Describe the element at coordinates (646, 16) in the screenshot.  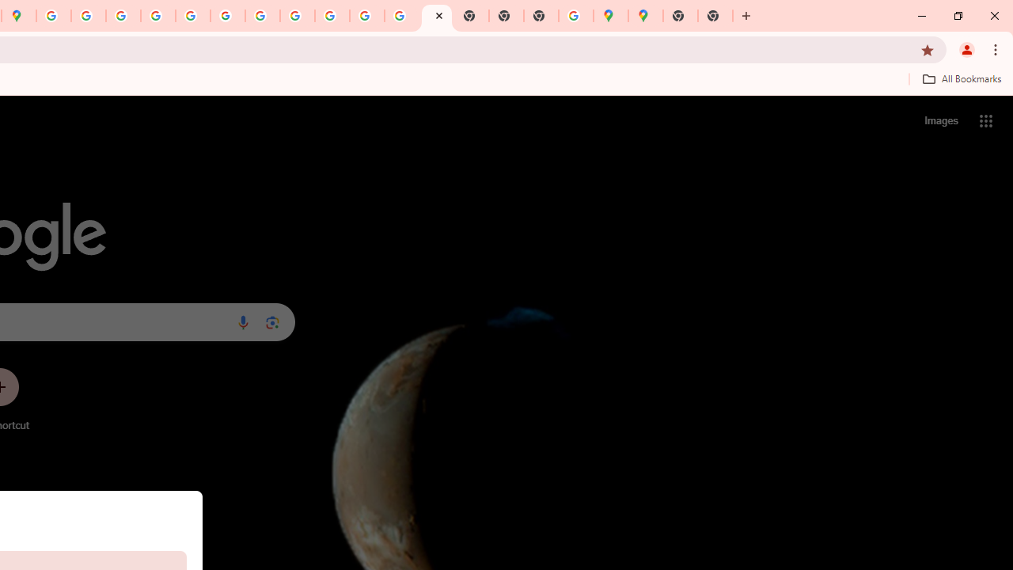
I see `'Google Maps'` at that location.